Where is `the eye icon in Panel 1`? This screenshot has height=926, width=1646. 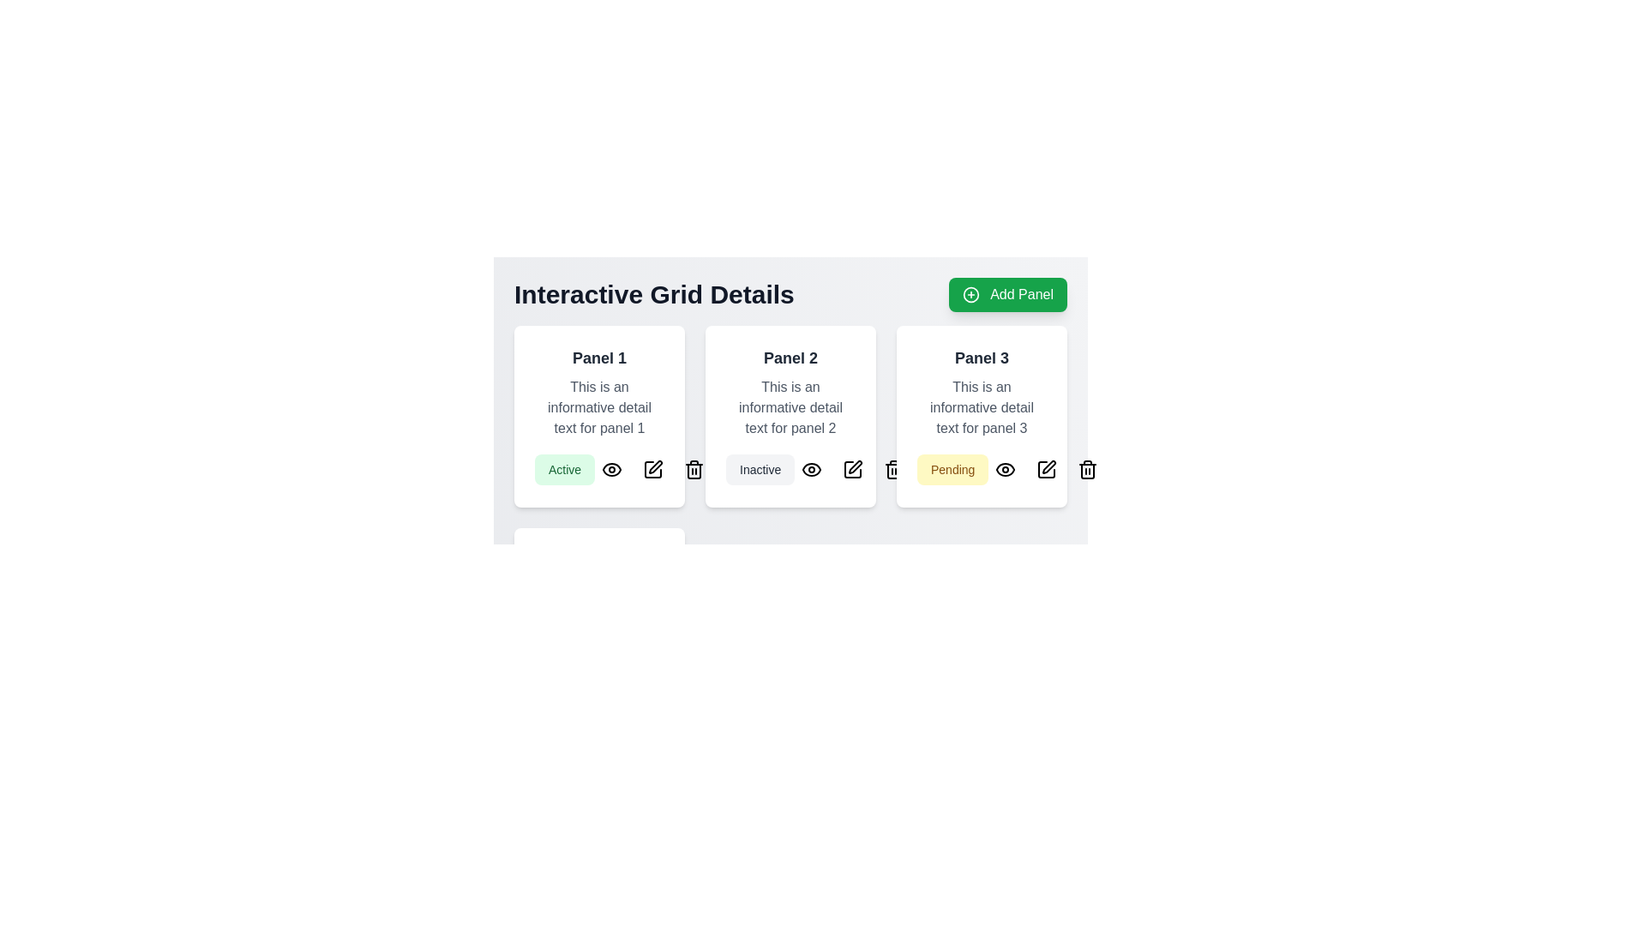 the eye icon in Panel 1 is located at coordinates (612, 469).